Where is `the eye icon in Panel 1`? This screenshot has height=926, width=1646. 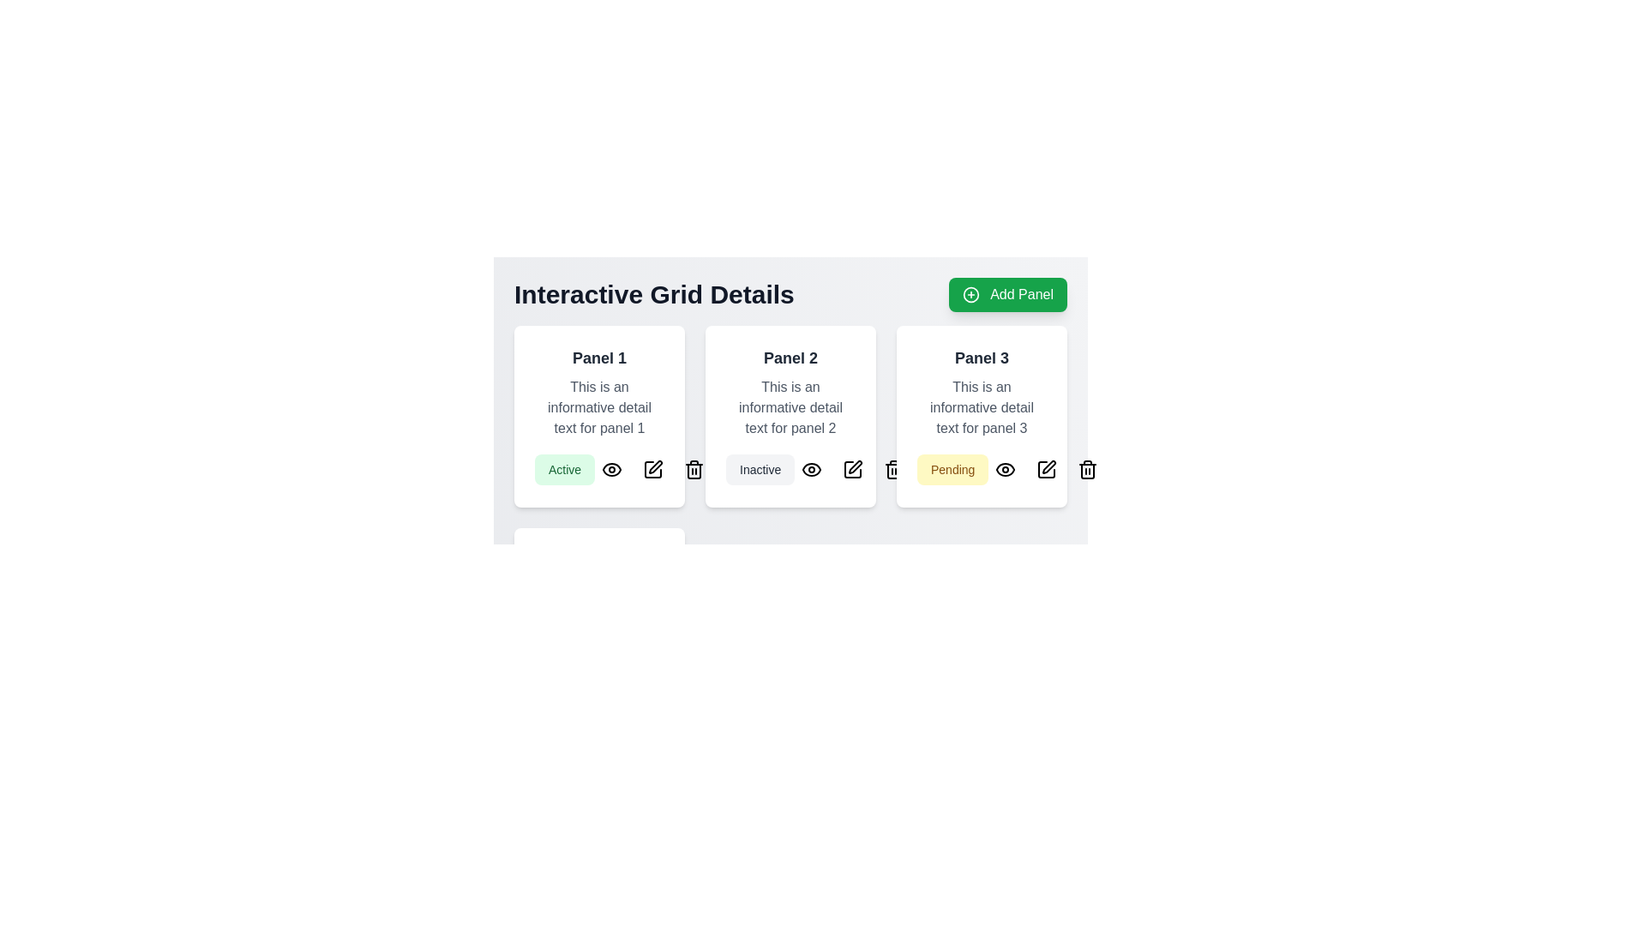 the eye icon in Panel 1 is located at coordinates (612, 469).